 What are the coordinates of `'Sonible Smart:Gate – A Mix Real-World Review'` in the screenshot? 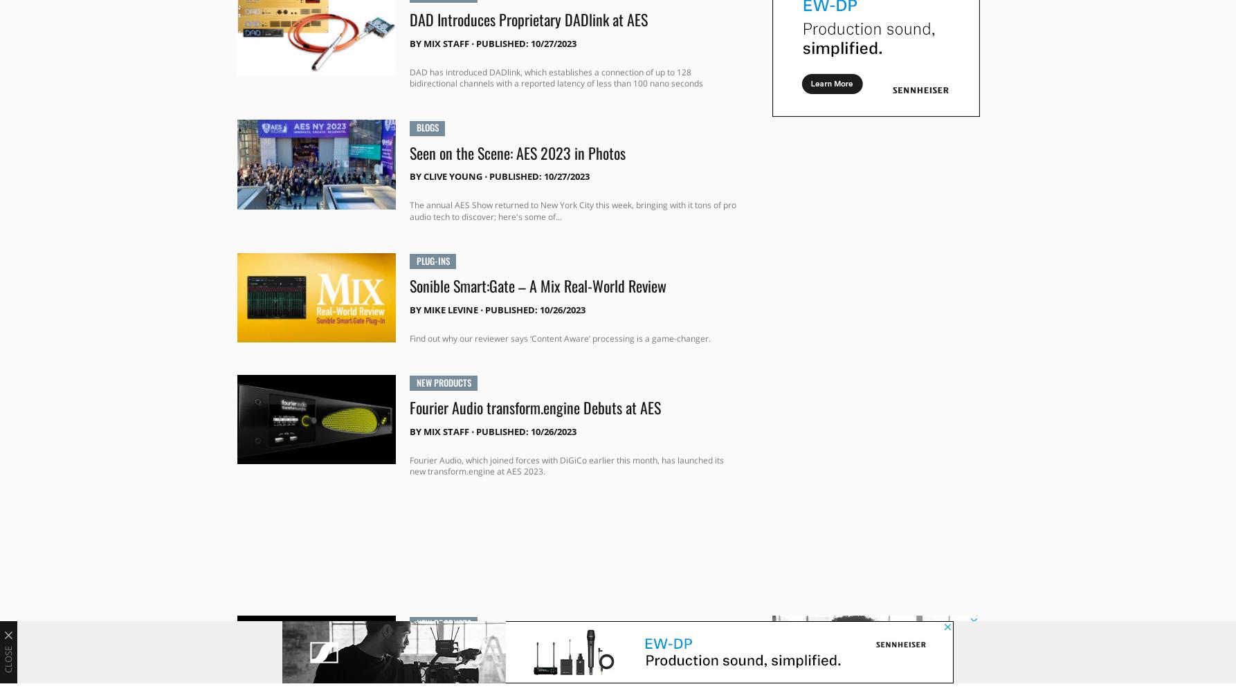 It's located at (536, 284).